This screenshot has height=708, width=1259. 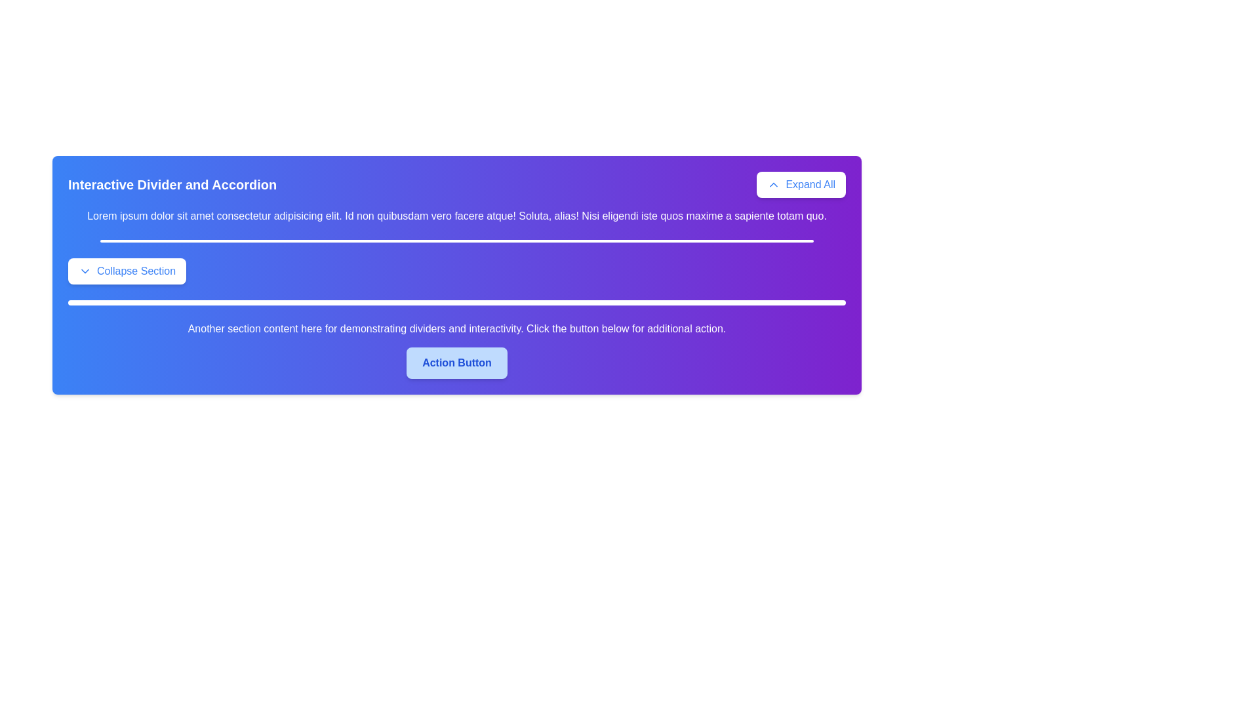 I want to click on the text in the text block containing 'Lorem ipsum dolor sit amet consectetur adipisicing elit...' for copying, so click(x=456, y=216).